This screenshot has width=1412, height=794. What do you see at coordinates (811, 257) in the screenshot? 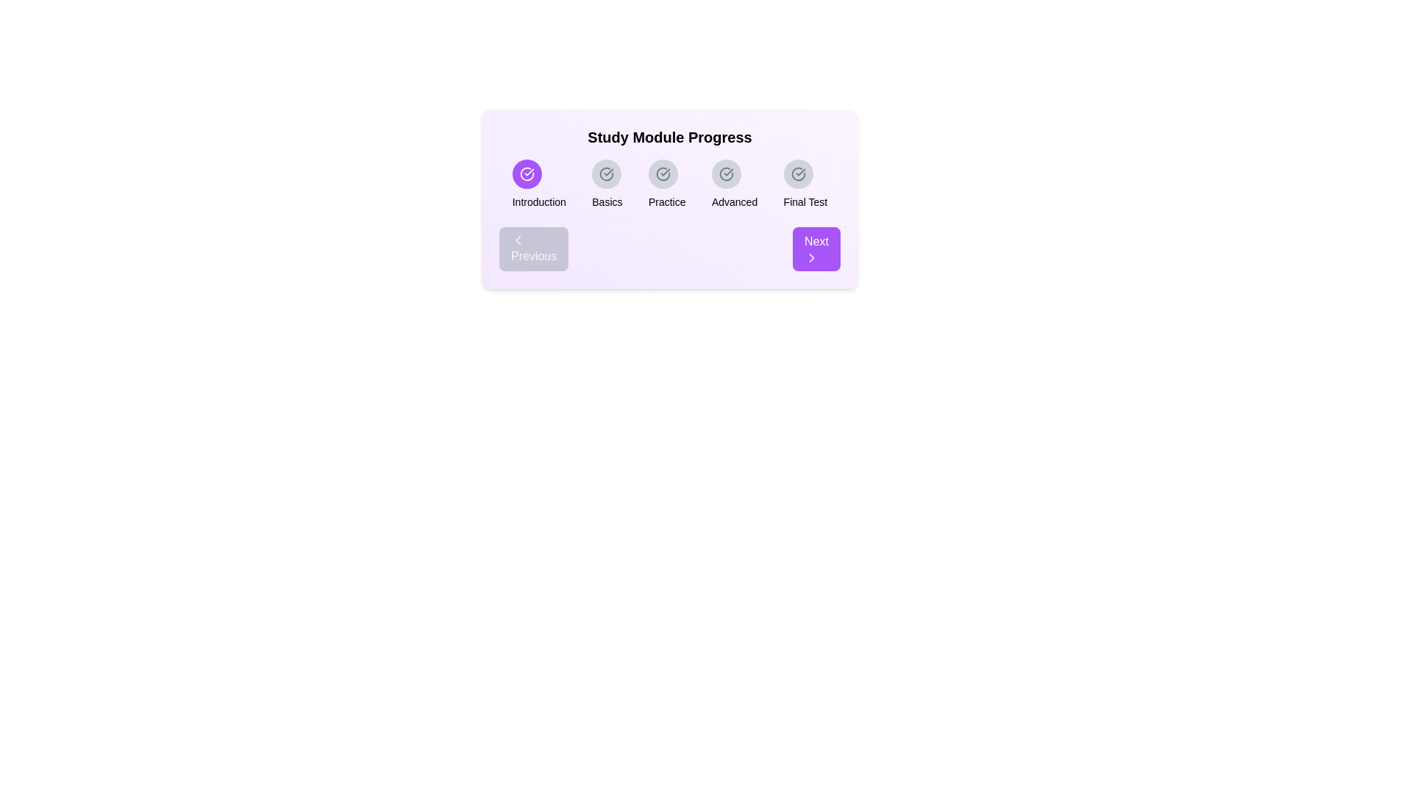
I see `the progress icon located within the 'Next' button at the bottom right corner of the card under the header 'Study Module Progress' to proceed` at bounding box center [811, 257].